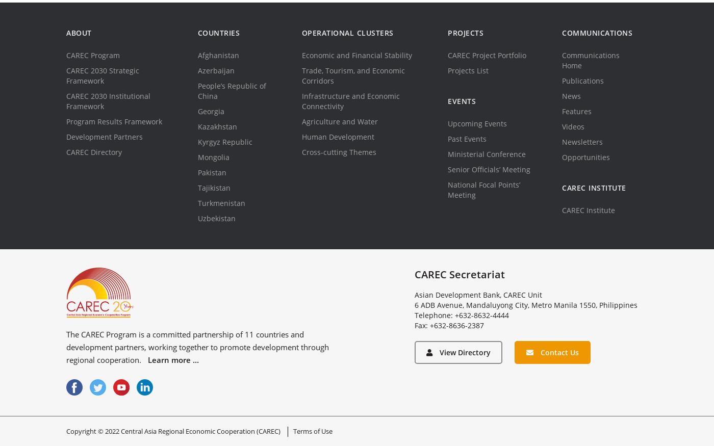  What do you see at coordinates (339, 151) in the screenshot?
I see `'Cross-cutting Themes'` at bounding box center [339, 151].